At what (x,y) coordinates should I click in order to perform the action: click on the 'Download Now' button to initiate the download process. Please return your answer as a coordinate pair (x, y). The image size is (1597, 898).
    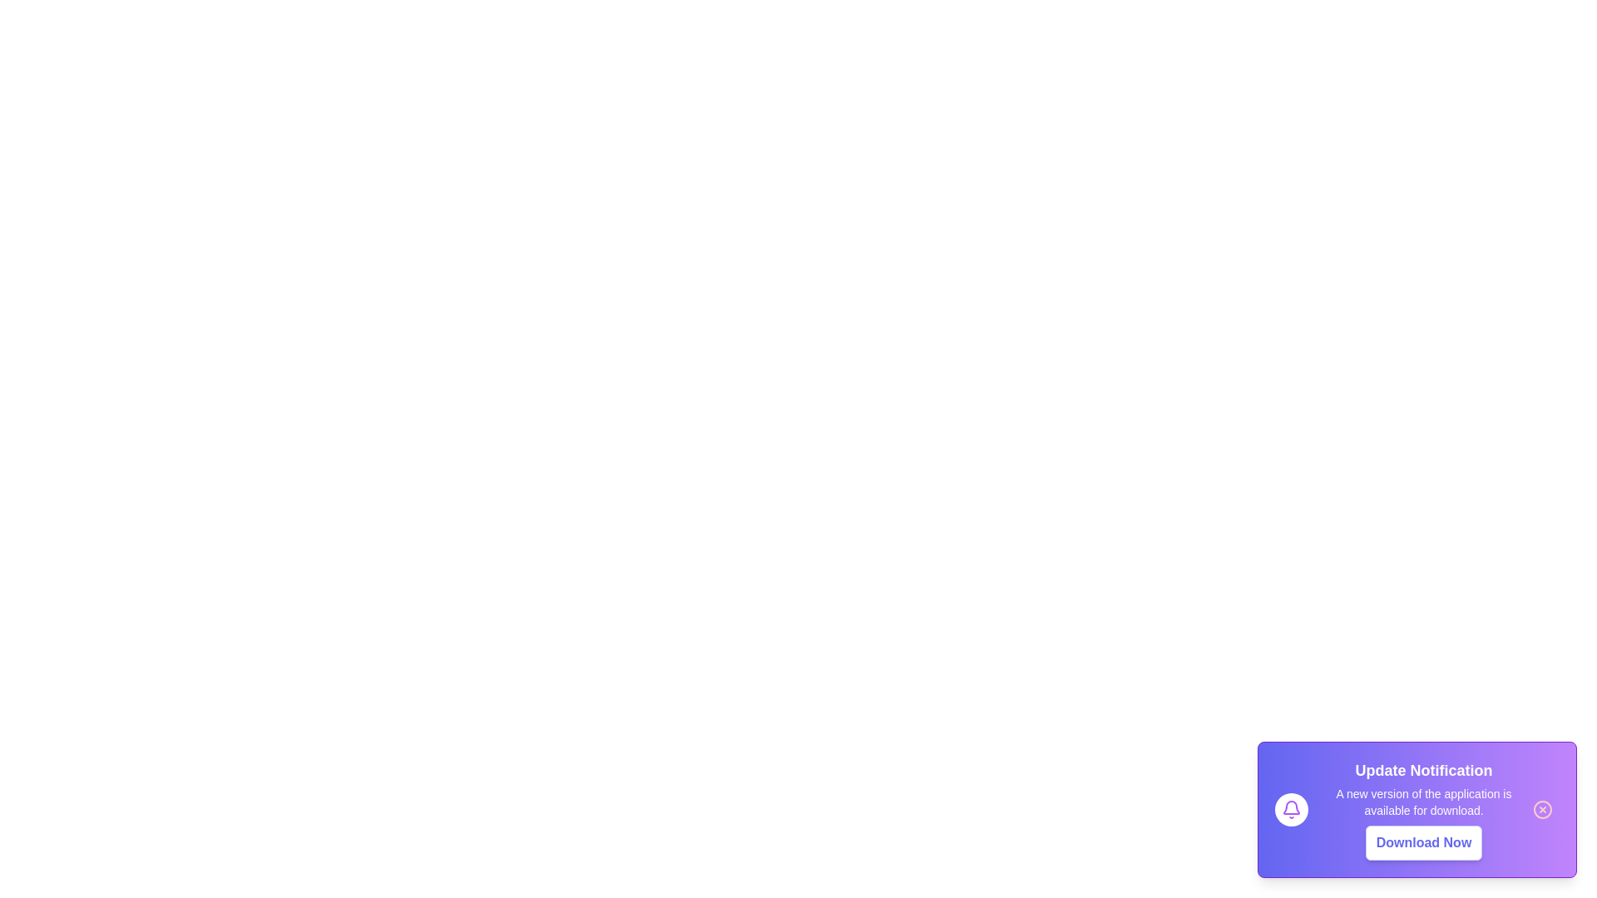
    Looking at the image, I should click on (1423, 843).